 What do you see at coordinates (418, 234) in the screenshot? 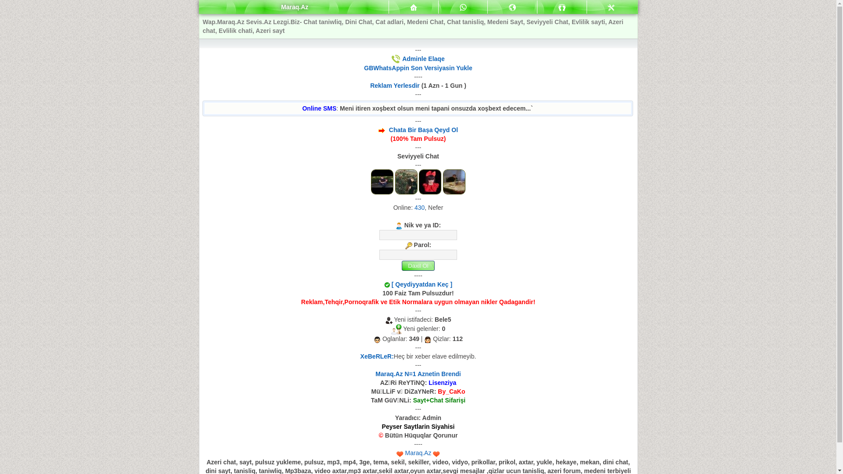
I see `'nick'` at bounding box center [418, 234].